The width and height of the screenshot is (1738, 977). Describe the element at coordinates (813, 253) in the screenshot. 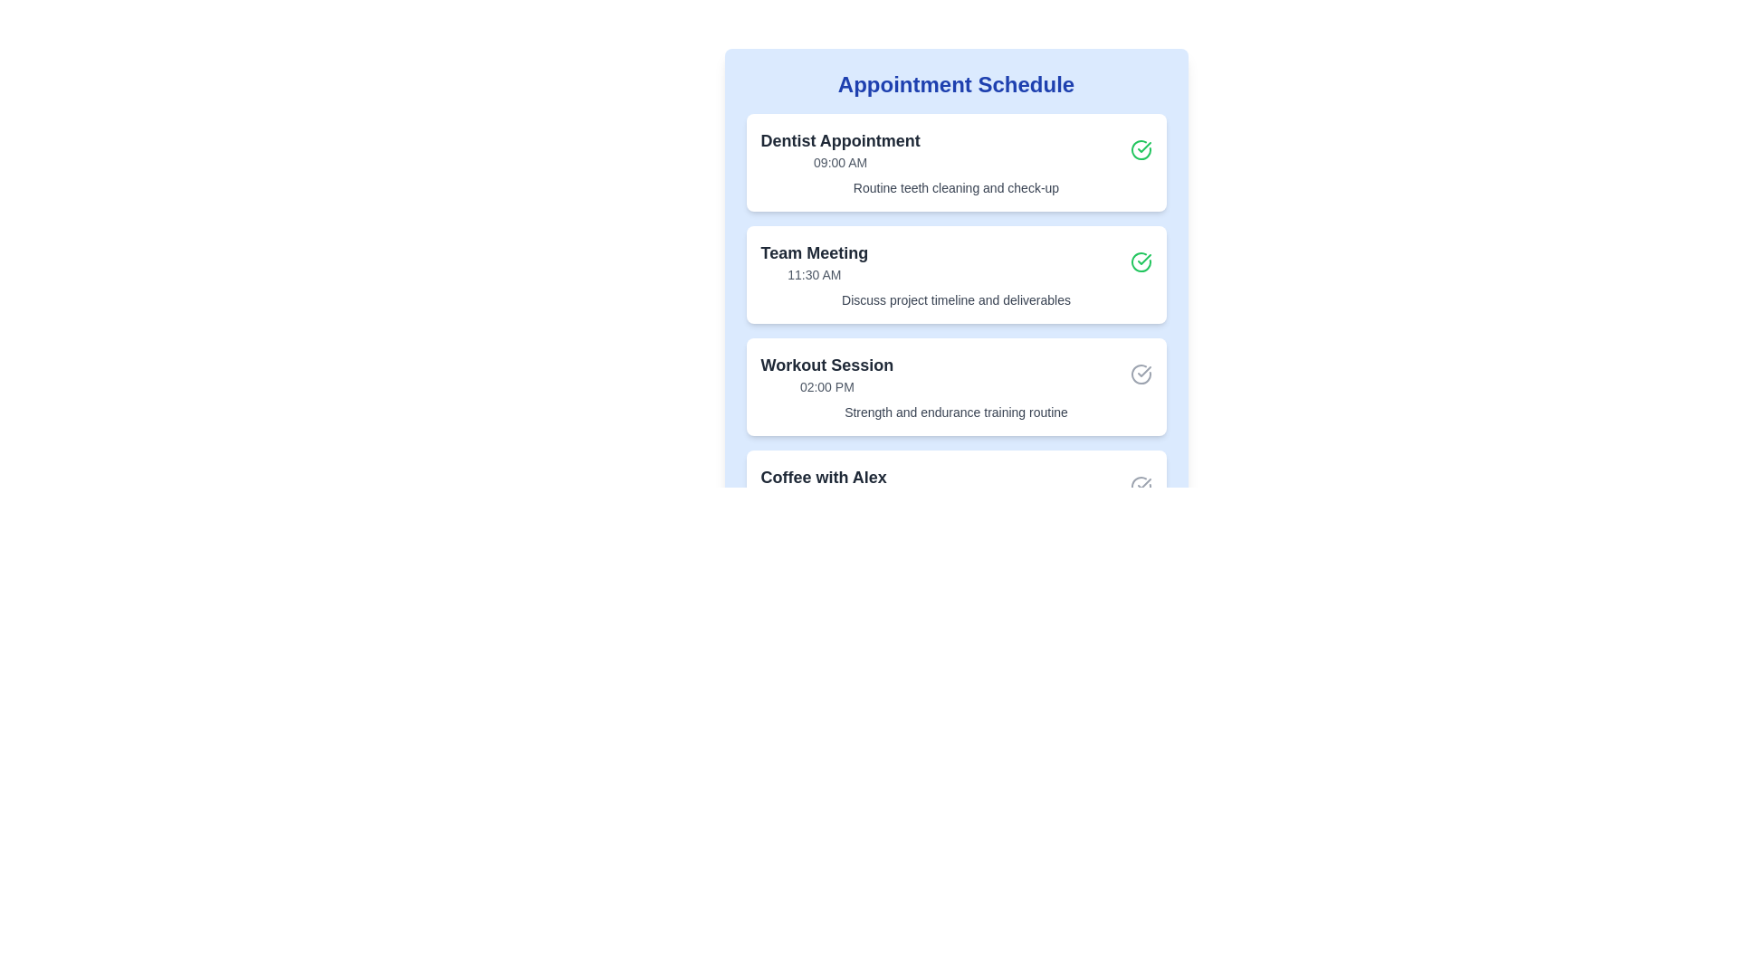

I see `text content of the title label for the 'Team Meeting' entry, which is located above the 'Workout Session' card and below the 'Dentist Appointment' card in the scheduled appointments list` at that location.